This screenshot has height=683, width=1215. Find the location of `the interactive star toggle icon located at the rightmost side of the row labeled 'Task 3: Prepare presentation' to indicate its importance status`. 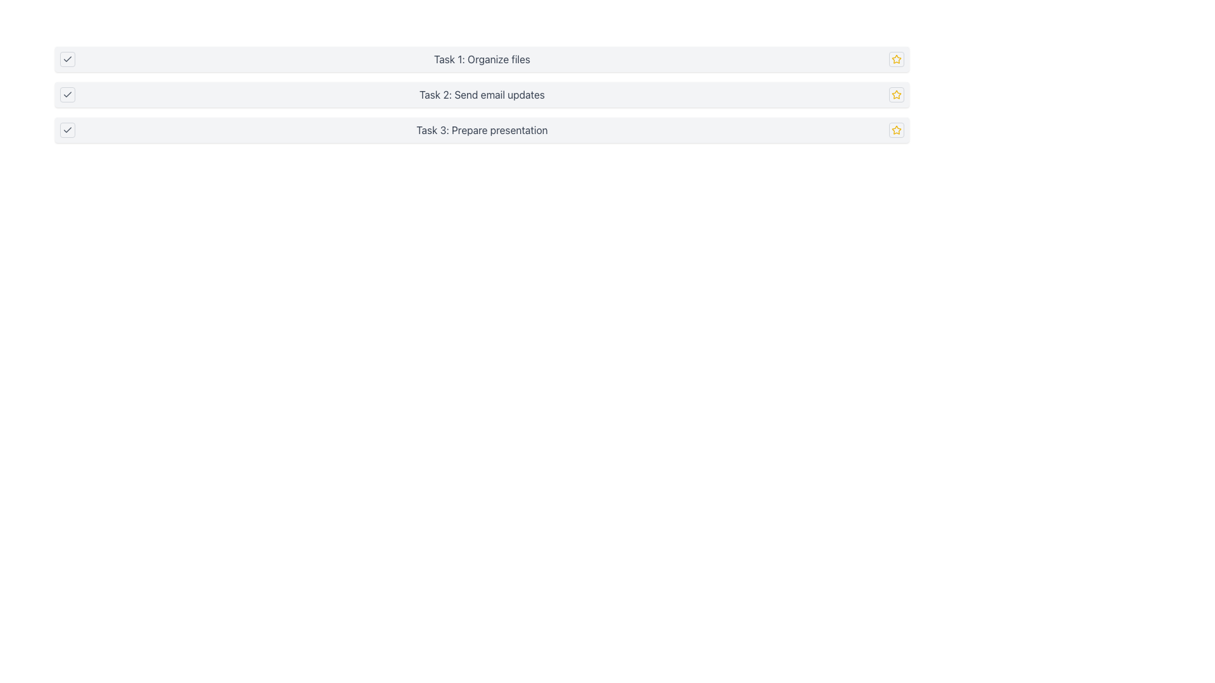

the interactive star toggle icon located at the rightmost side of the row labeled 'Task 3: Prepare presentation' to indicate its importance status is located at coordinates (895, 130).